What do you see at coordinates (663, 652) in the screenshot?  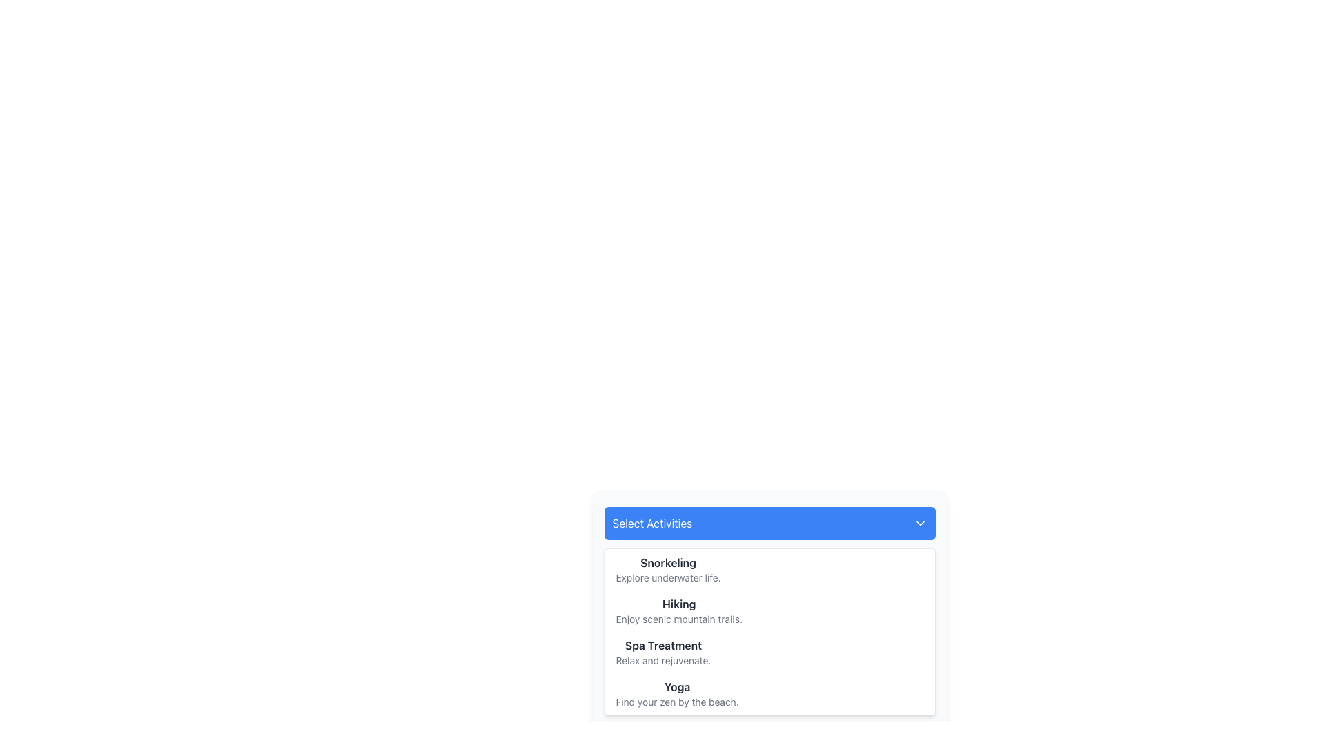 I see `text from the third option in the selectable menu under 'Select Activities', which displays 'Spa Treatment' and 'Relax and rejuvenate.'` at bounding box center [663, 652].